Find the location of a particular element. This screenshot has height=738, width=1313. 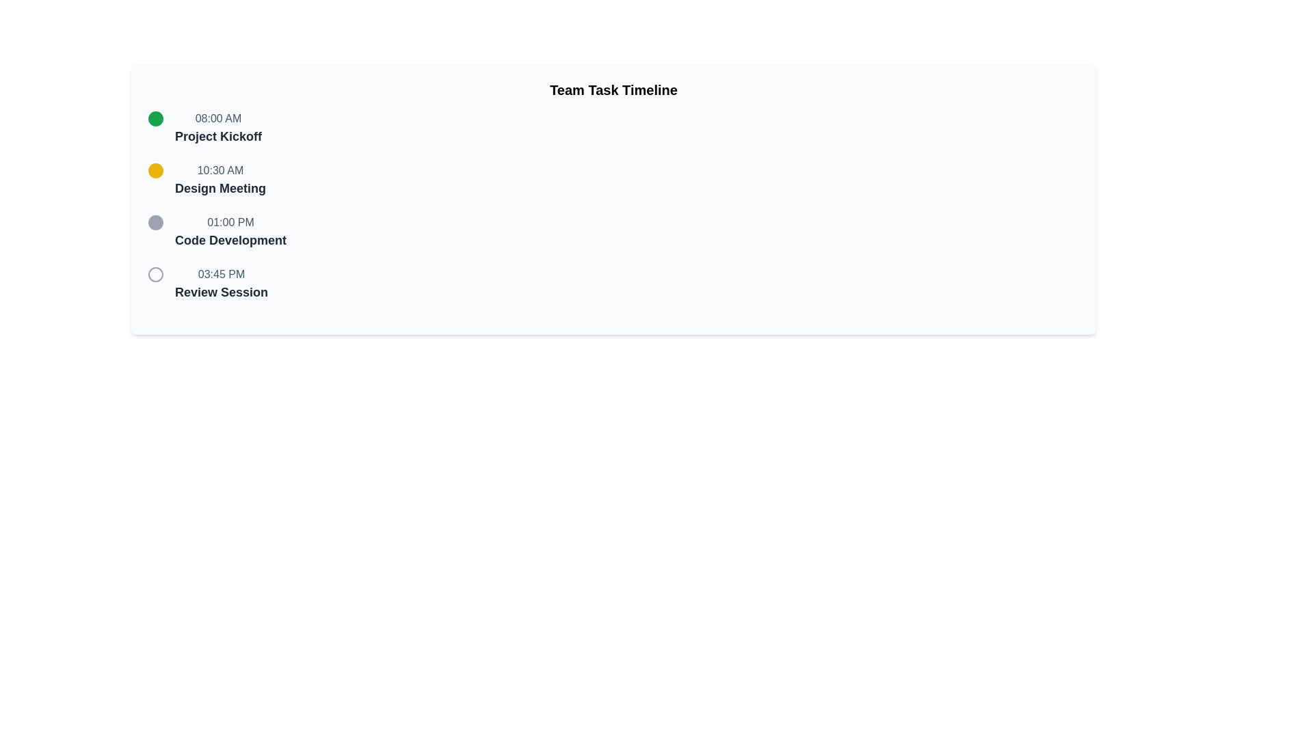

the green circular icon that indicates the status for the '08:00 AM Project Kickoff' event in the top-left section of the vertical timeline interface is located at coordinates (155, 118).